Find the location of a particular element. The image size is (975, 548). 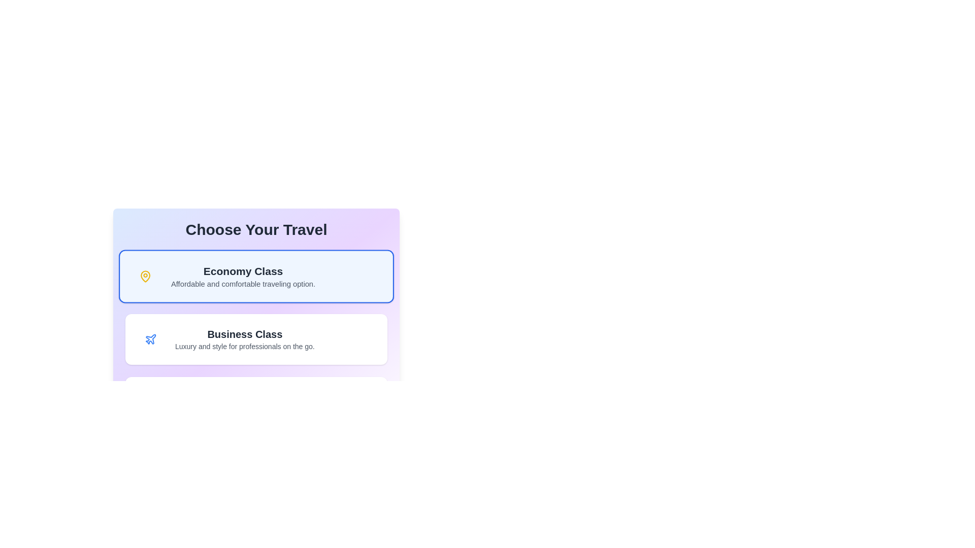

the blue plane icon, which is the second icon in the 'Choose Your Travel' section under the 'Business Class' card is located at coordinates (150, 339).